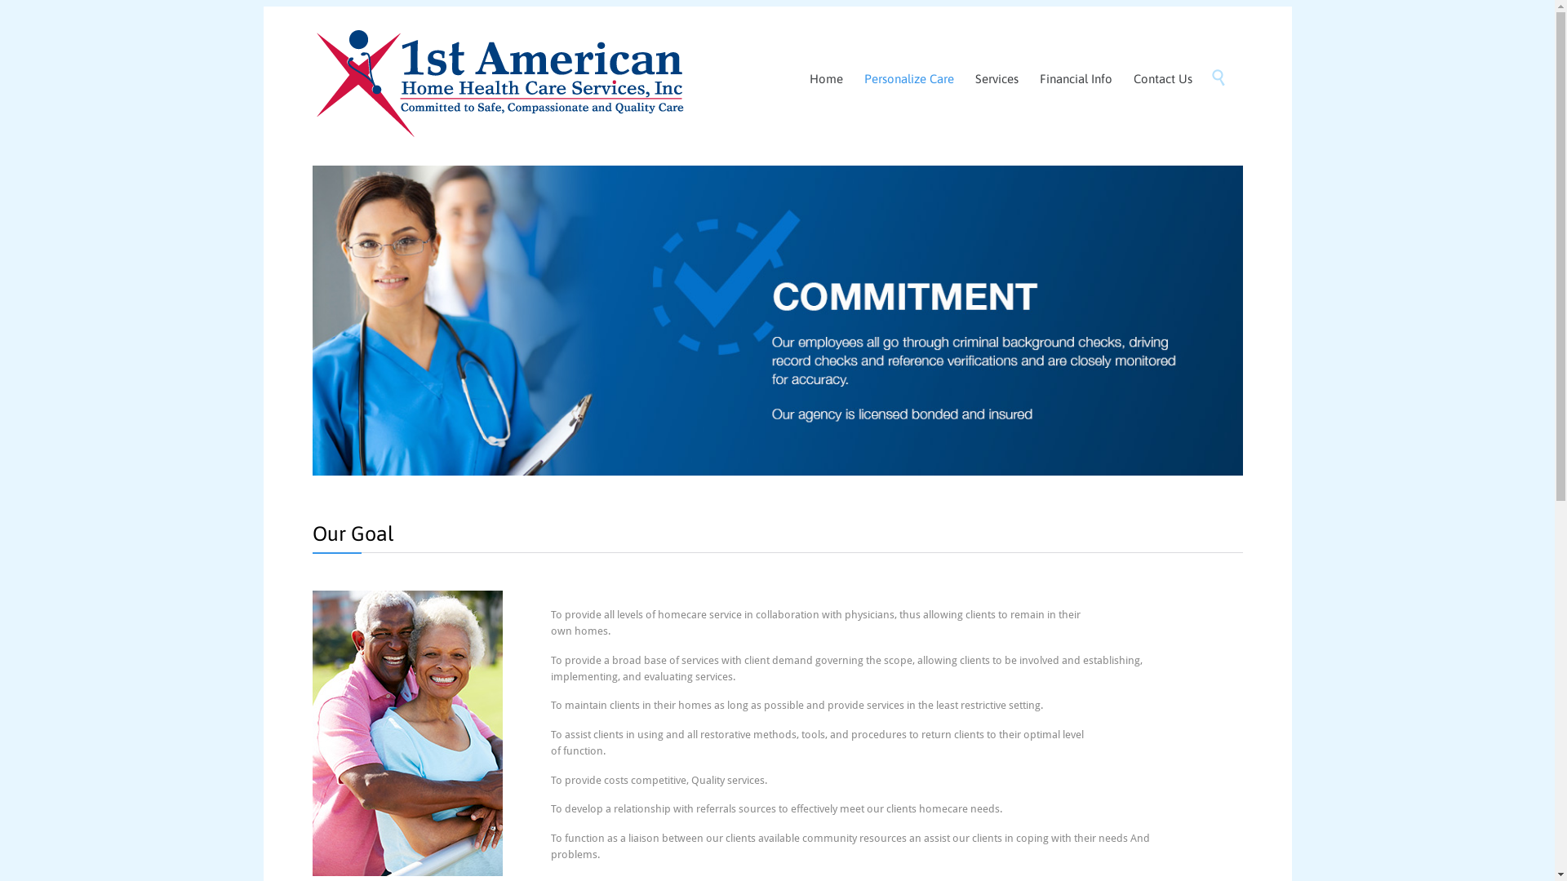 This screenshot has width=1567, height=881. What do you see at coordinates (1075, 79) in the screenshot?
I see `'Financial Info'` at bounding box center [1075, 79].